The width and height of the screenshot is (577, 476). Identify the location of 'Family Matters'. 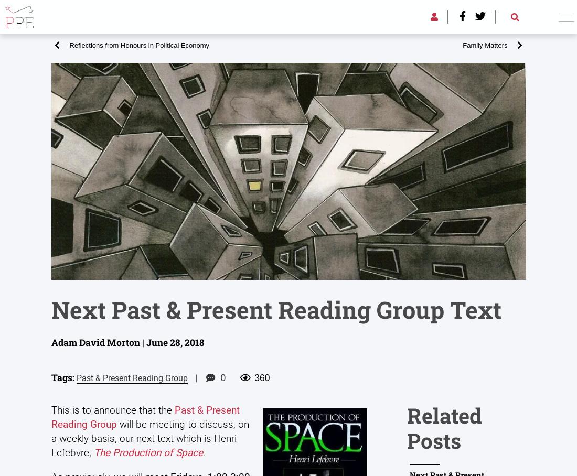
(485, 45).